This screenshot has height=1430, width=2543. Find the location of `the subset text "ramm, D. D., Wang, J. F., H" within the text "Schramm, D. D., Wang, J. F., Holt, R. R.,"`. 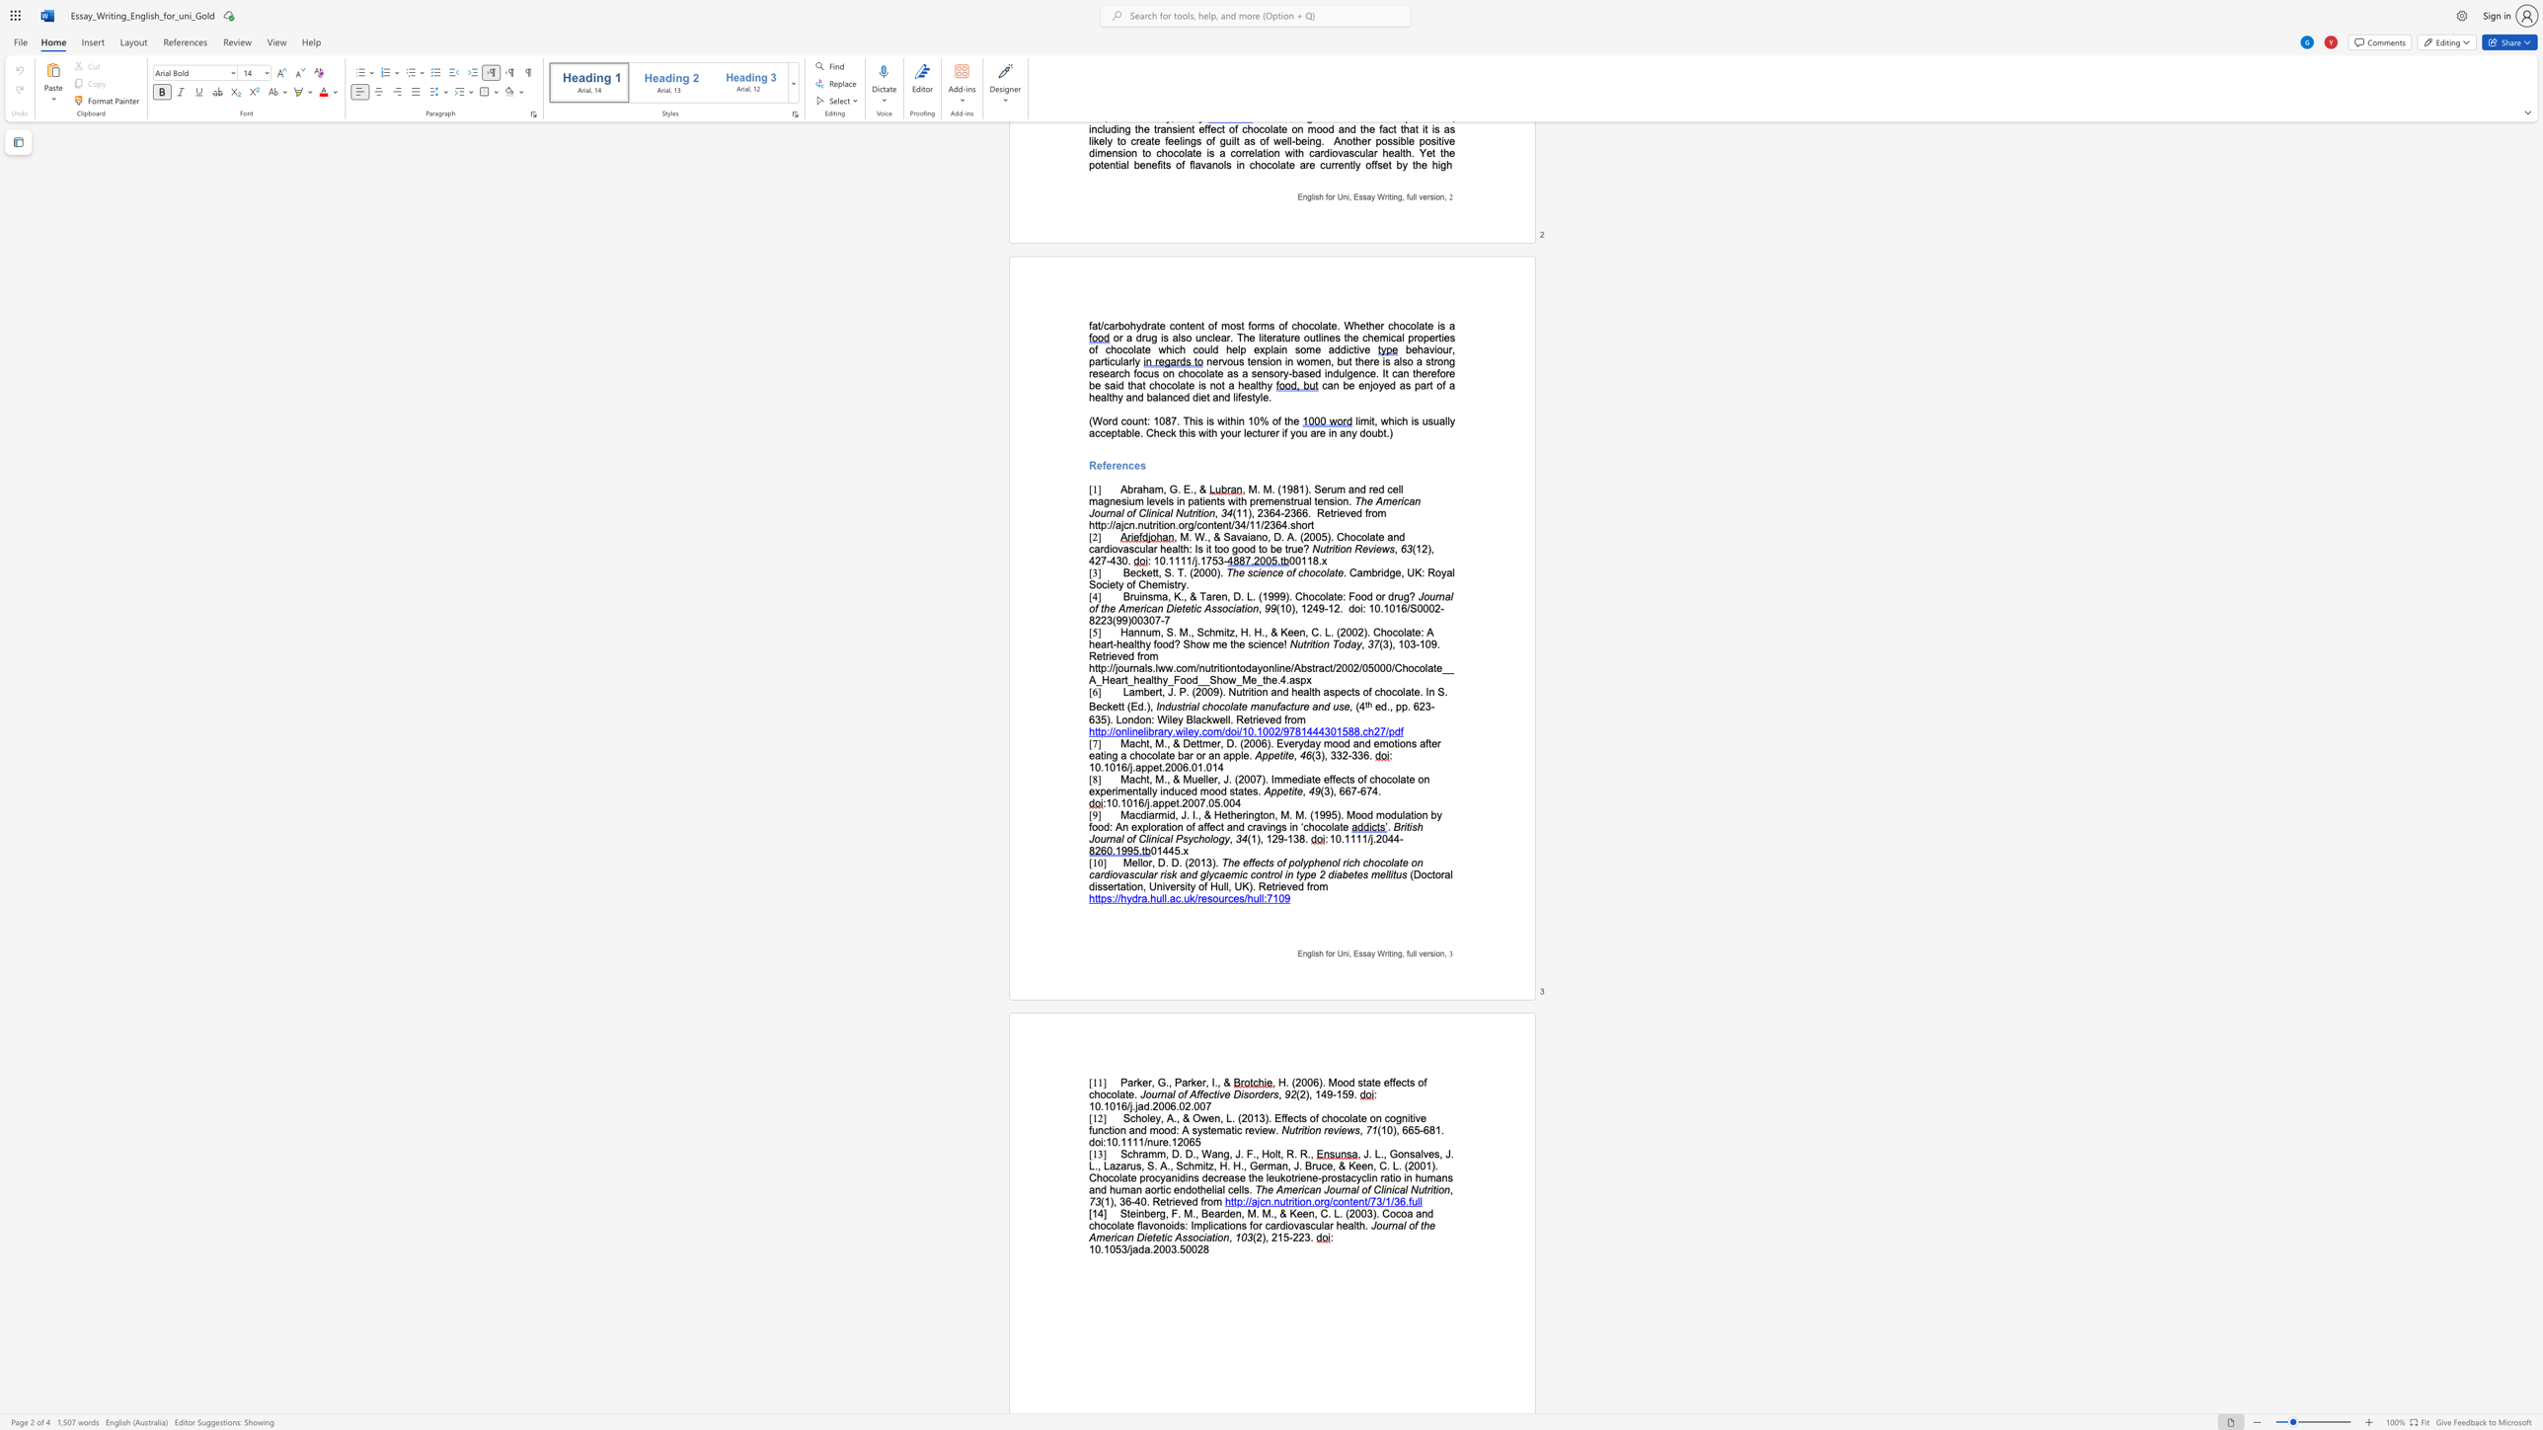

the subset text "ramm, D. D., Wang, J. F., H" within the text "Schramm, D. D., Wang, J. F., Holt, R. R.," is located at coordinates (1137, 1154).